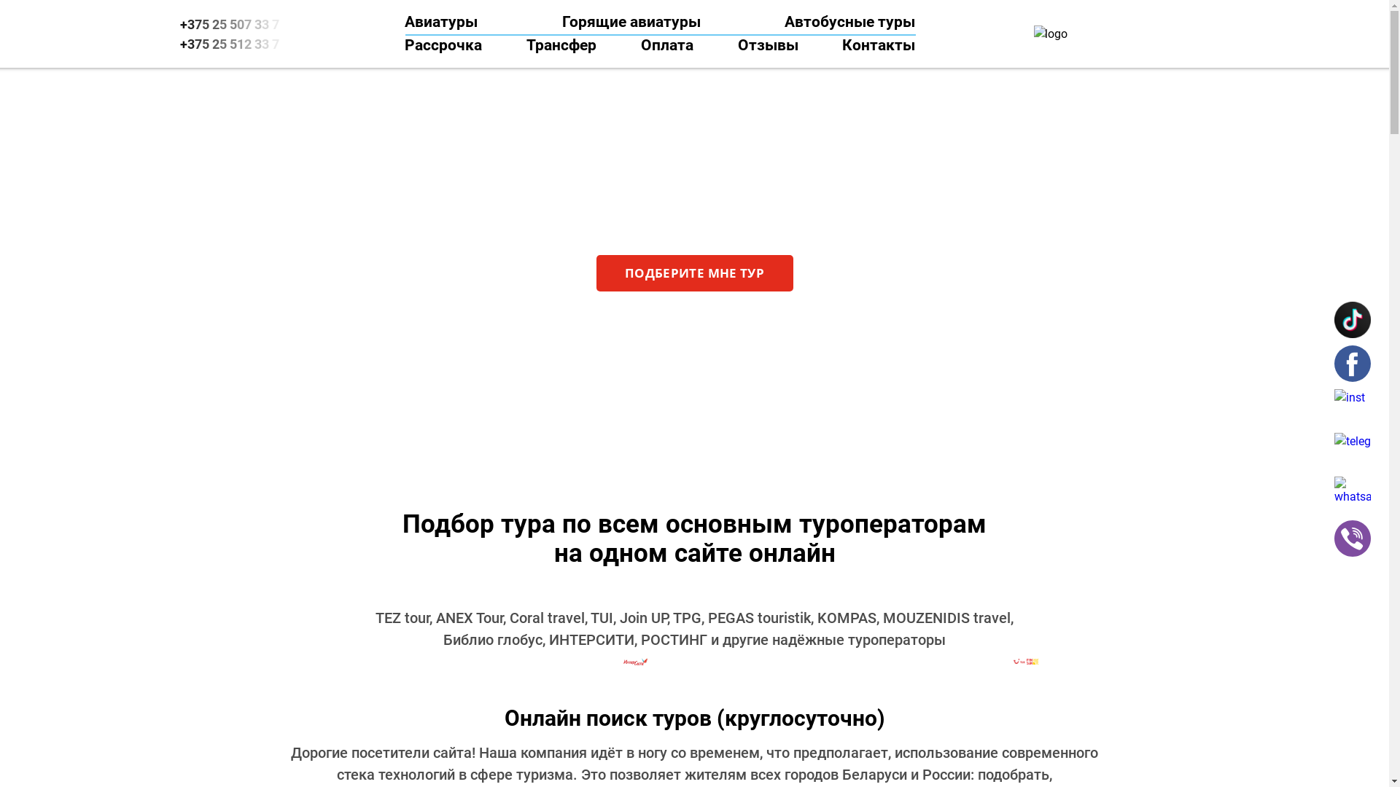 Image resolution: width=1400 pixels, height=787 pixels. I want to click on '+375 25 507 33 7', so click(179, 24).